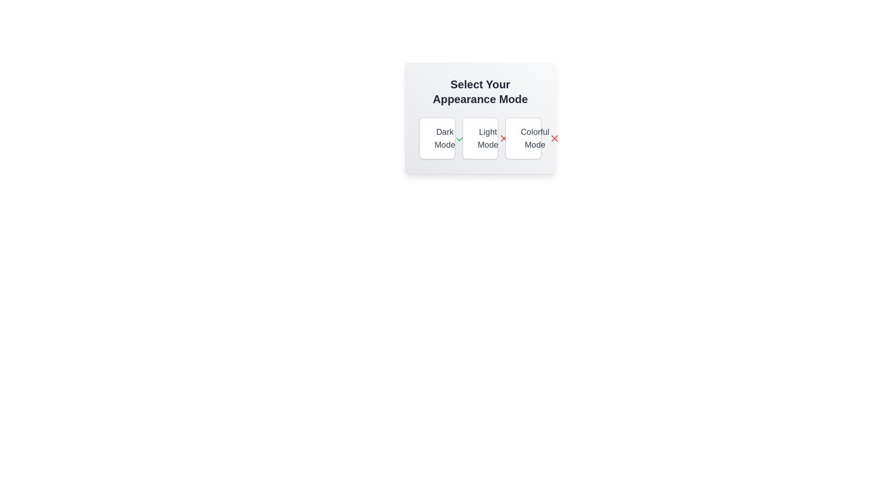 The width and height of the screenshot is (883, 497). I want to click on the appearance mode Colorful Mode by clicking on its respective button, so click(523, 138).